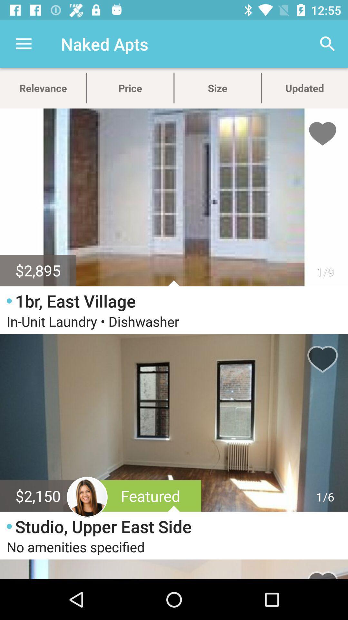 The height and width of the screenshot is (620, 348). Describe the element at coordinates (43, 88) in the screenshot. I see `the relevance item` at that location.